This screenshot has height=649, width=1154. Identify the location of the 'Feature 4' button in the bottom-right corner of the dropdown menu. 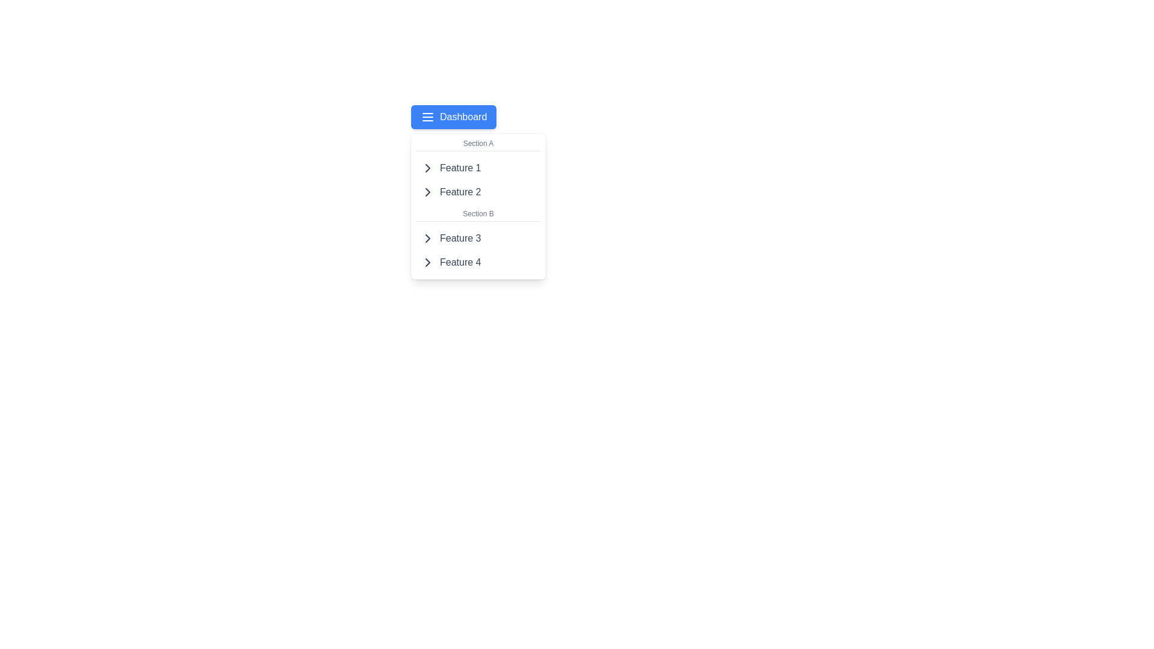
(478, 261).